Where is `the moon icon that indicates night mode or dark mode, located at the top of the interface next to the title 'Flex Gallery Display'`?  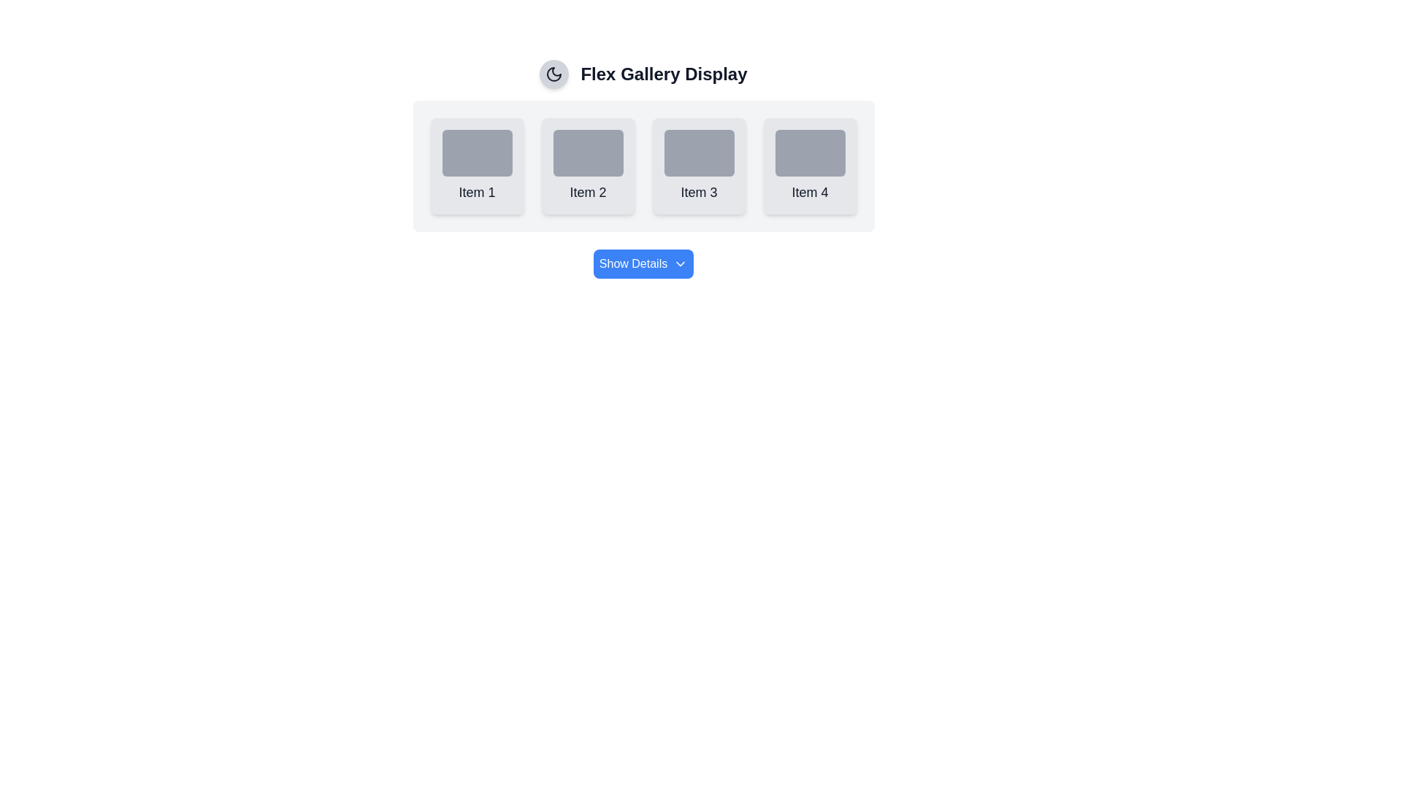 the moon icon that indicates night mode or dark mode, located at the top of the interface next to the title 'Flex Gallery Display' is located at coordinates (553, 74).